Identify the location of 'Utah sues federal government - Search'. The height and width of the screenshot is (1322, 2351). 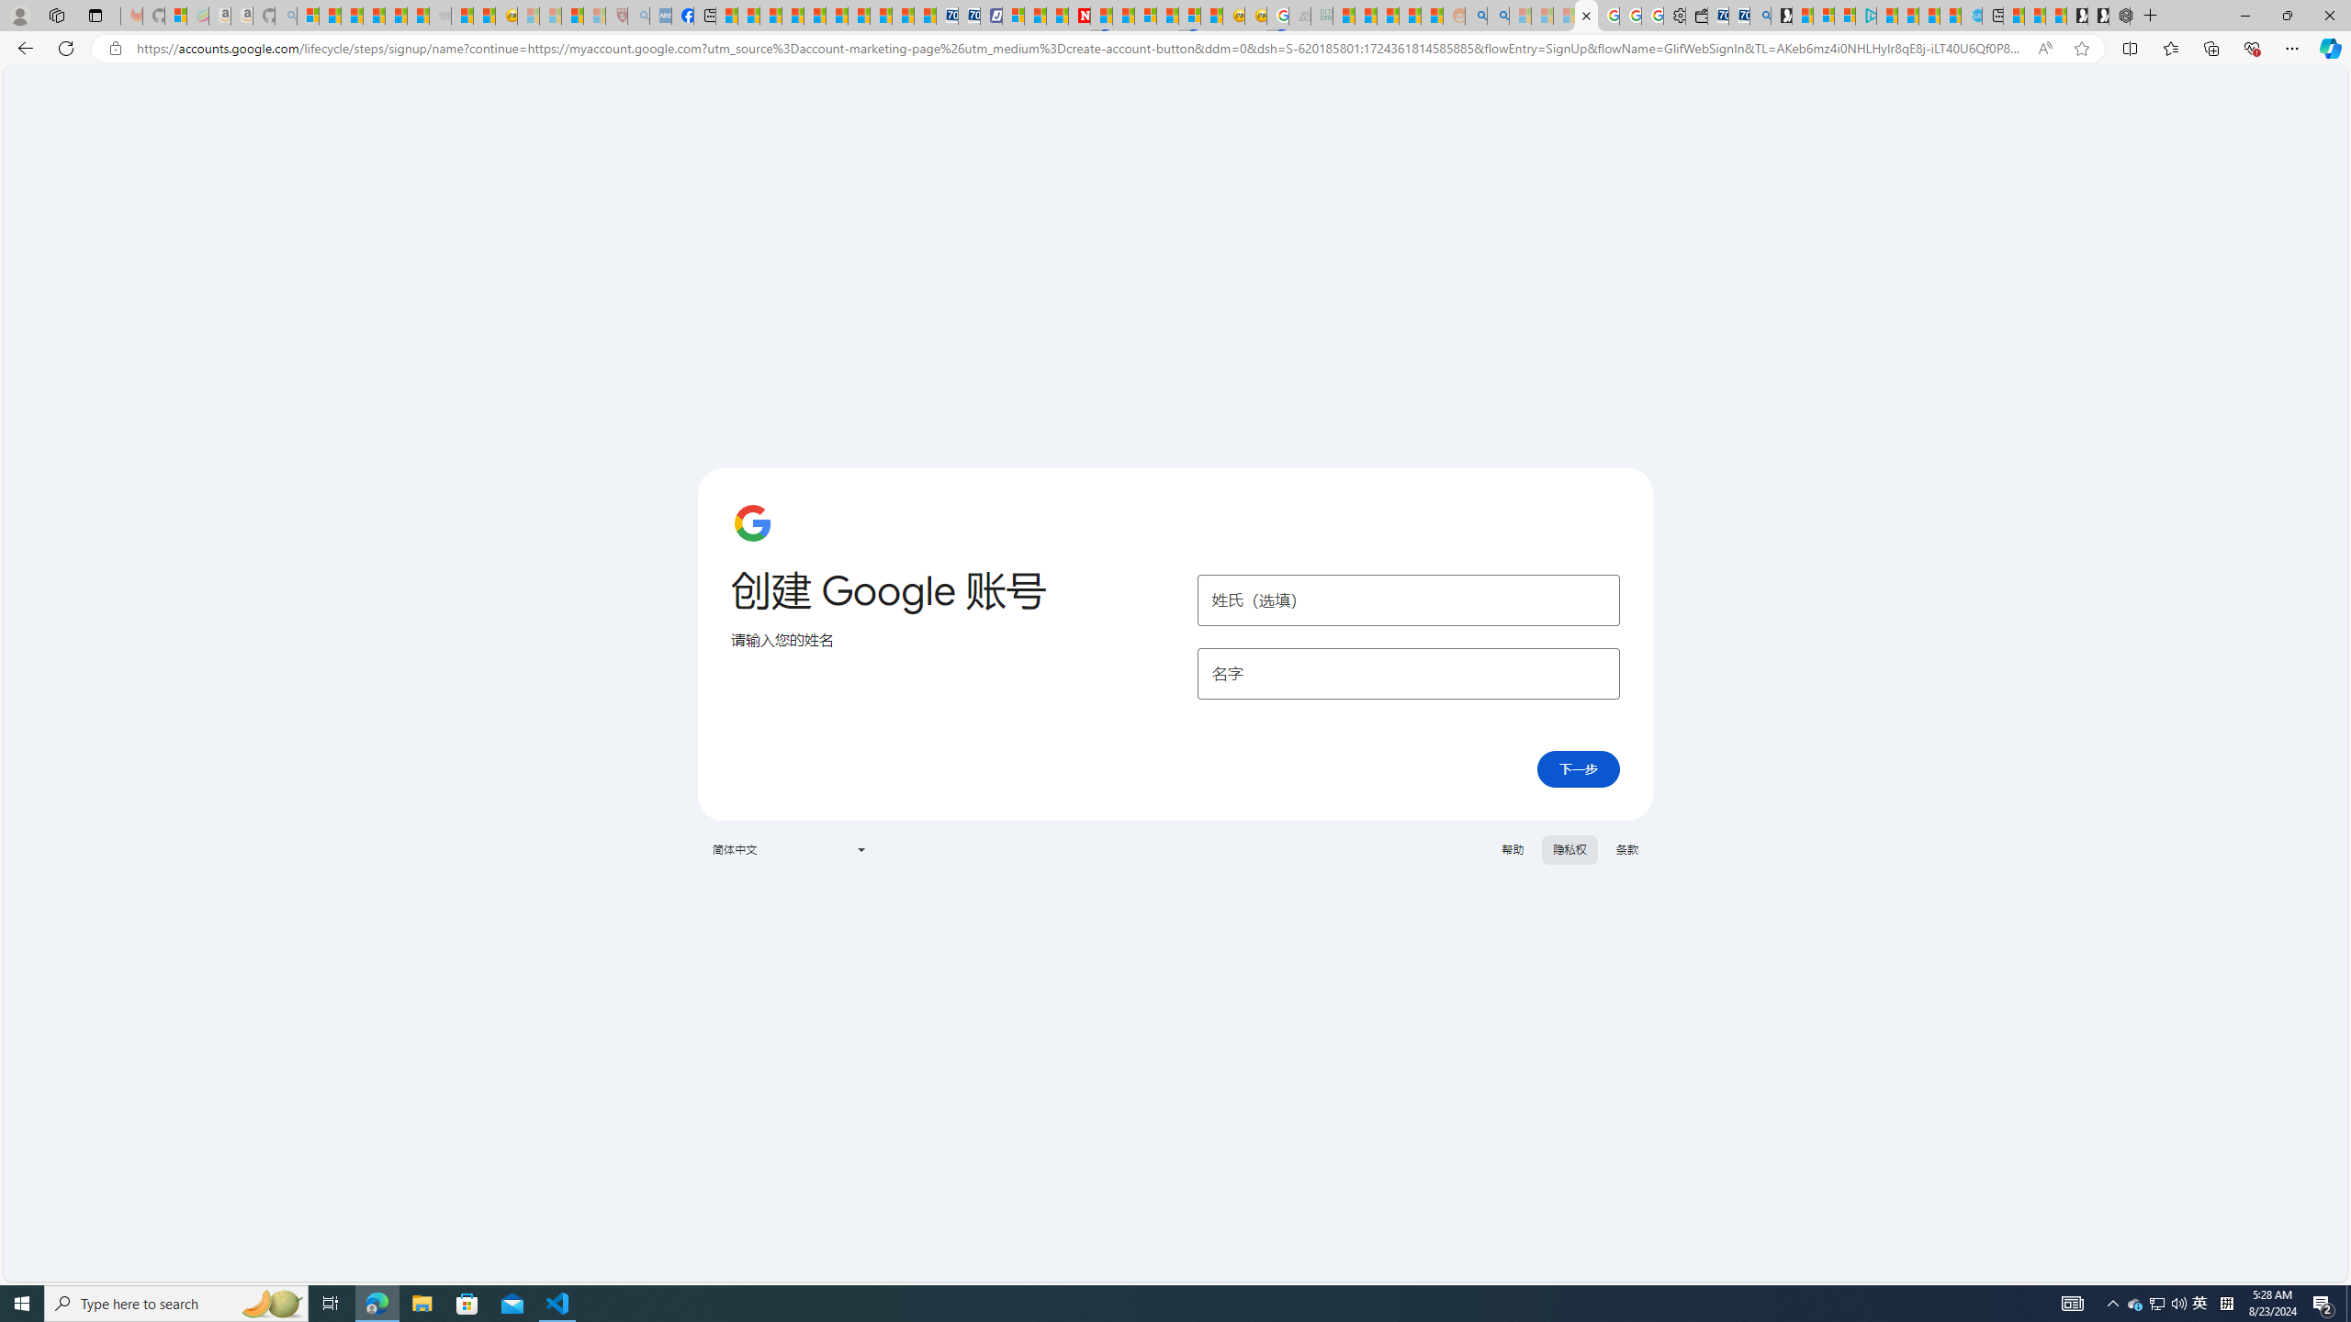
(1497, 15).